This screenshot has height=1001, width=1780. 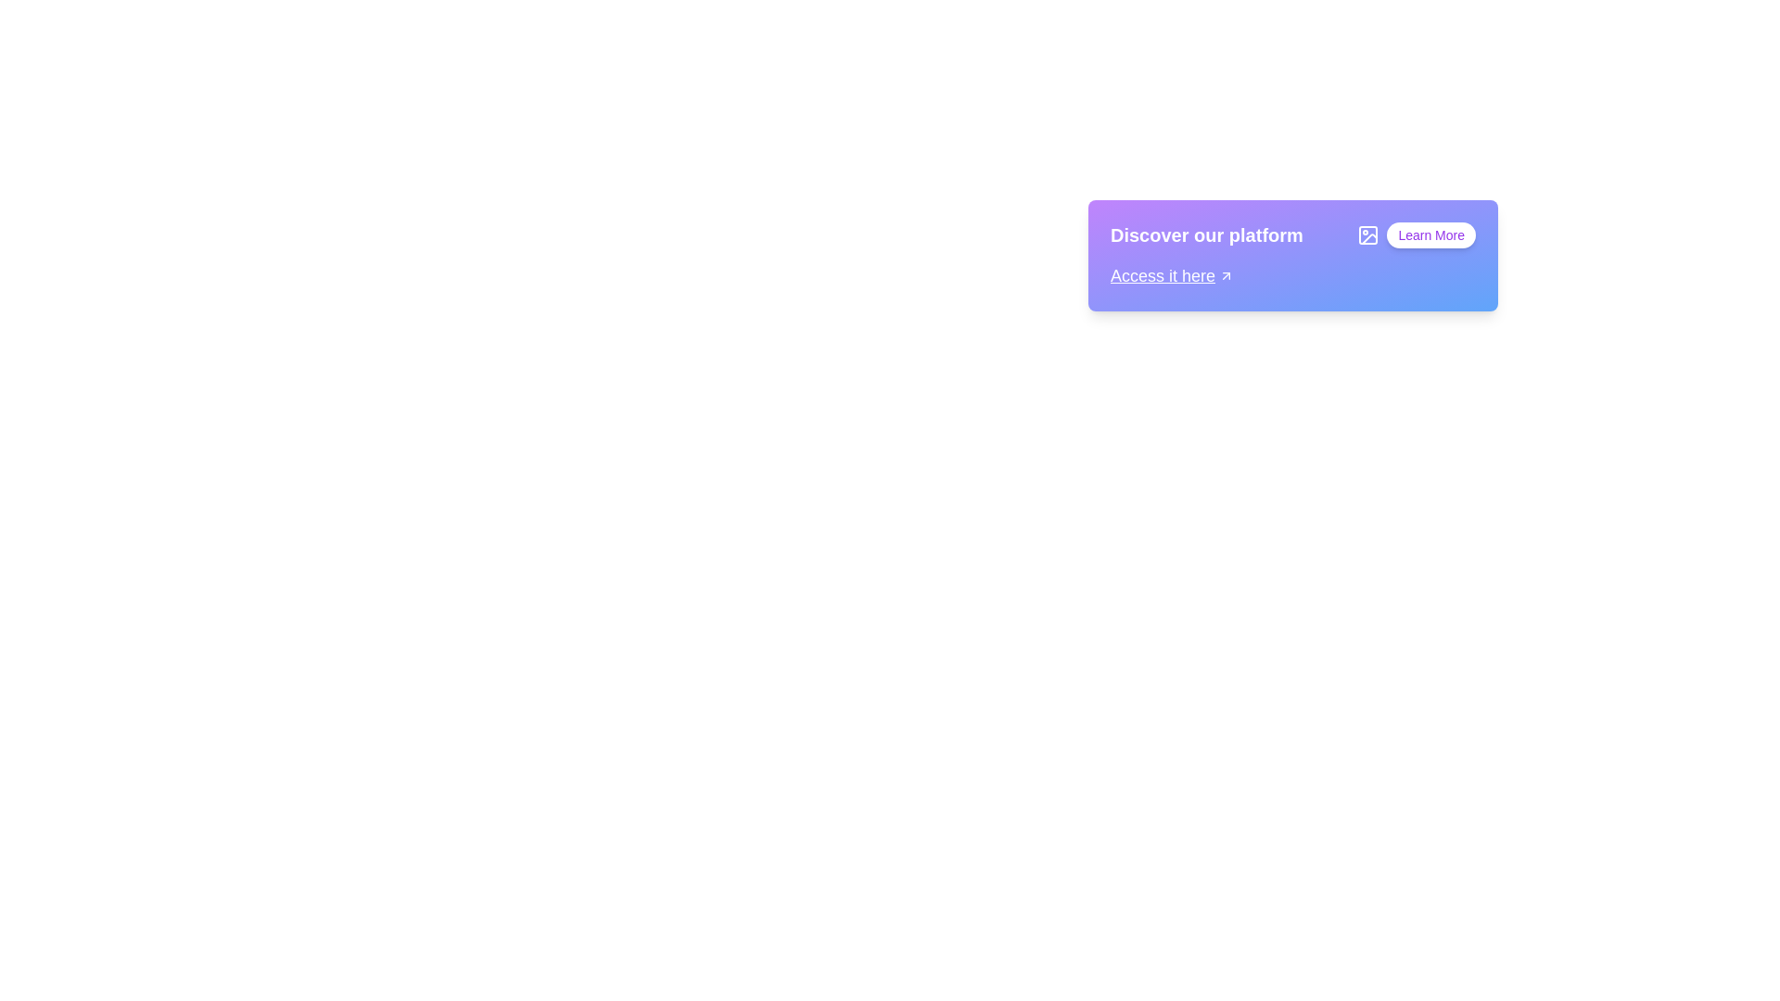 I want to click on the arrow icon located to the right of the text 'Access it here' which signifies a hyperlink for navigation, so click(x=1227, y=275).